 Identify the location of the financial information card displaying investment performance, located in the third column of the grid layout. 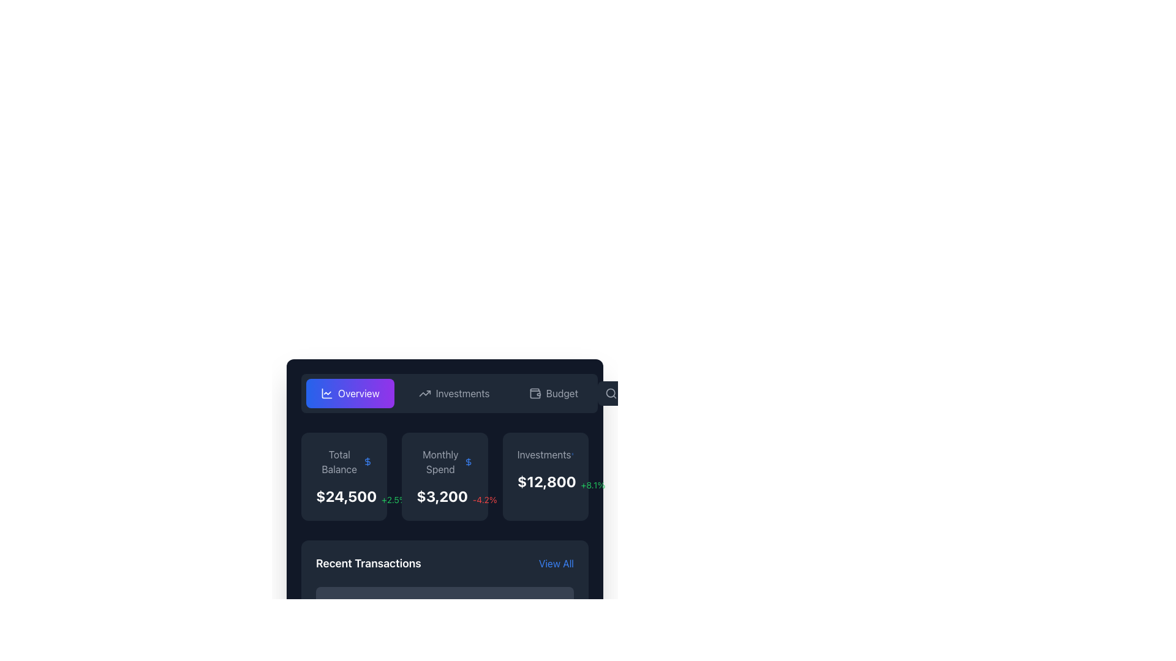
(545, 476).